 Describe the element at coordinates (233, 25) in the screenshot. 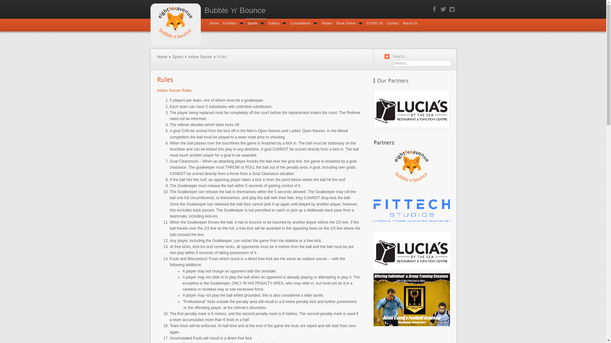

I see `'Facilities'` at that location.